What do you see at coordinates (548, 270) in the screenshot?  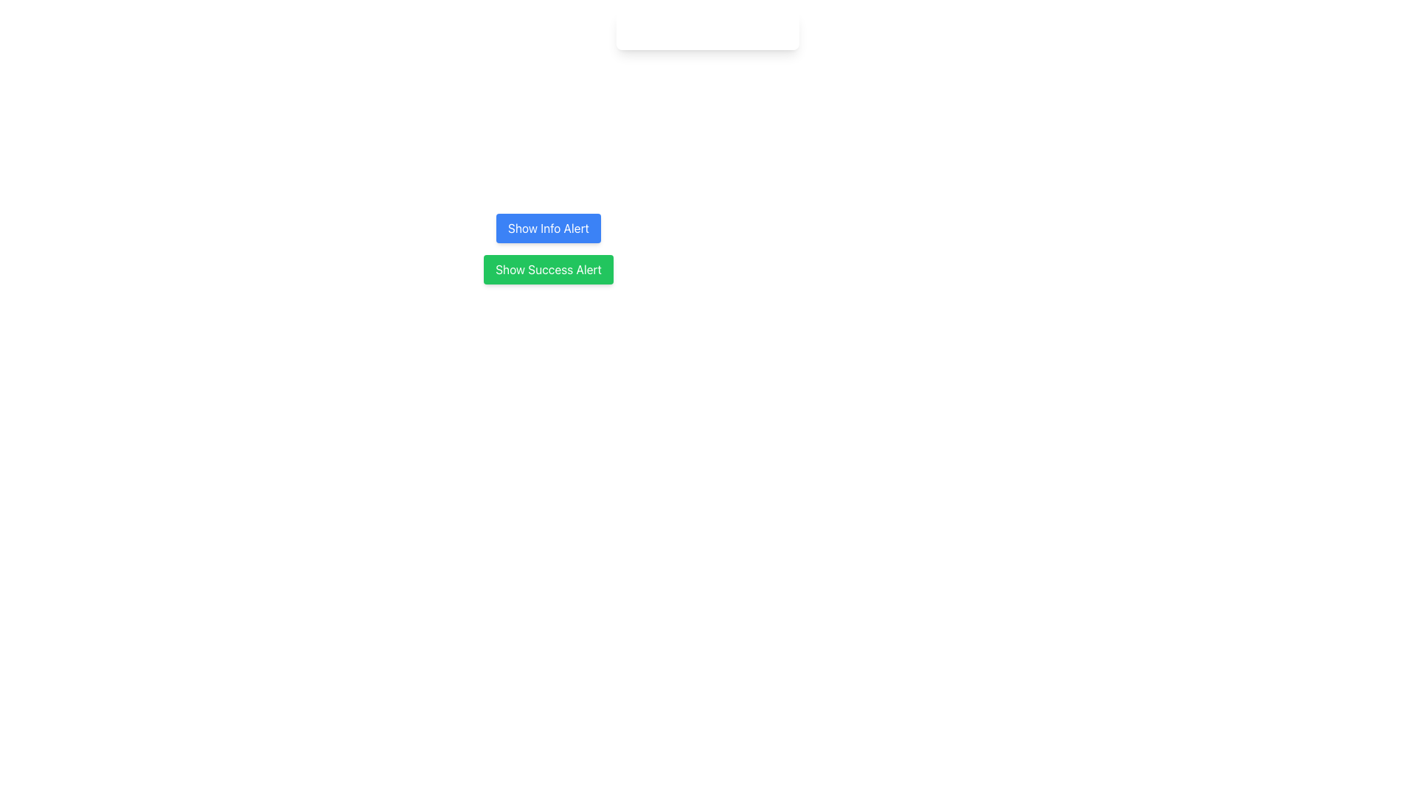 I see `the rectangular button with rounded corners, green background, and white text that reads 'Show Success Alert'` at bounding box center [548, 270].